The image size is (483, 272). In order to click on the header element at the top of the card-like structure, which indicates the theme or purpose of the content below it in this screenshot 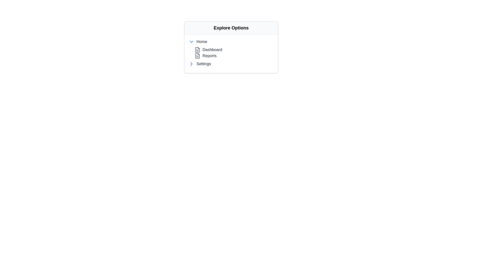, I will do `click(231, 28)`.